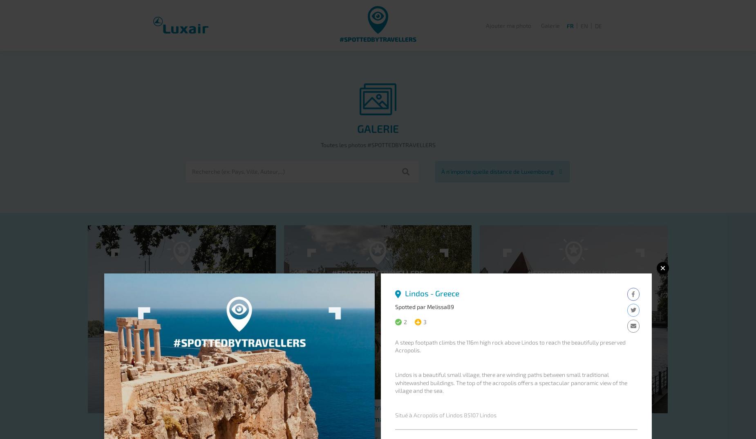 Image resolution: width=756 pixels, height=439 pixels. I want to click on 'Lindos is a beautiful small village, there are winding paths between small traditional whitewashed buildings. The top of the acropolis offers a spectacular panoramic view of the village and the sea.', so click(510, 382).